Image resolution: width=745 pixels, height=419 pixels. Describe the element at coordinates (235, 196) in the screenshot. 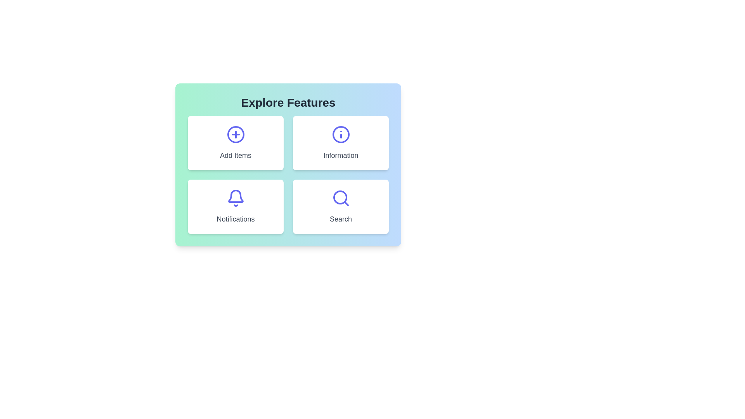

I see `the lower curved section of the bell icon located in the 'Notifications' layout under 'Explore Features'` at that location.